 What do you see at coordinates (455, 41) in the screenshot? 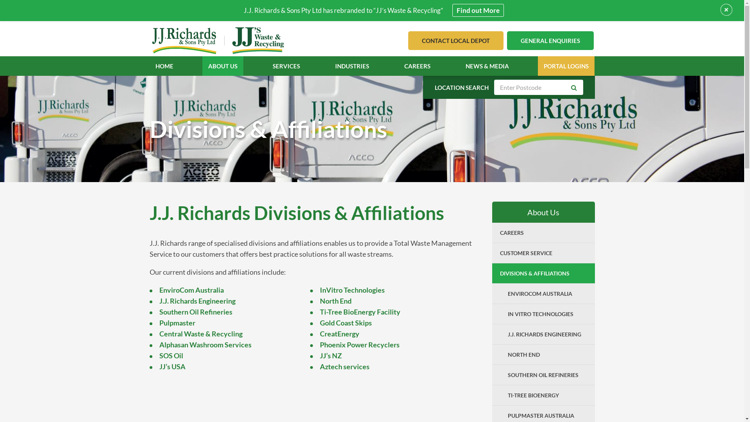
I see `'CONTACT LOCAL DEPOT'` at bounding box center [455, 41].